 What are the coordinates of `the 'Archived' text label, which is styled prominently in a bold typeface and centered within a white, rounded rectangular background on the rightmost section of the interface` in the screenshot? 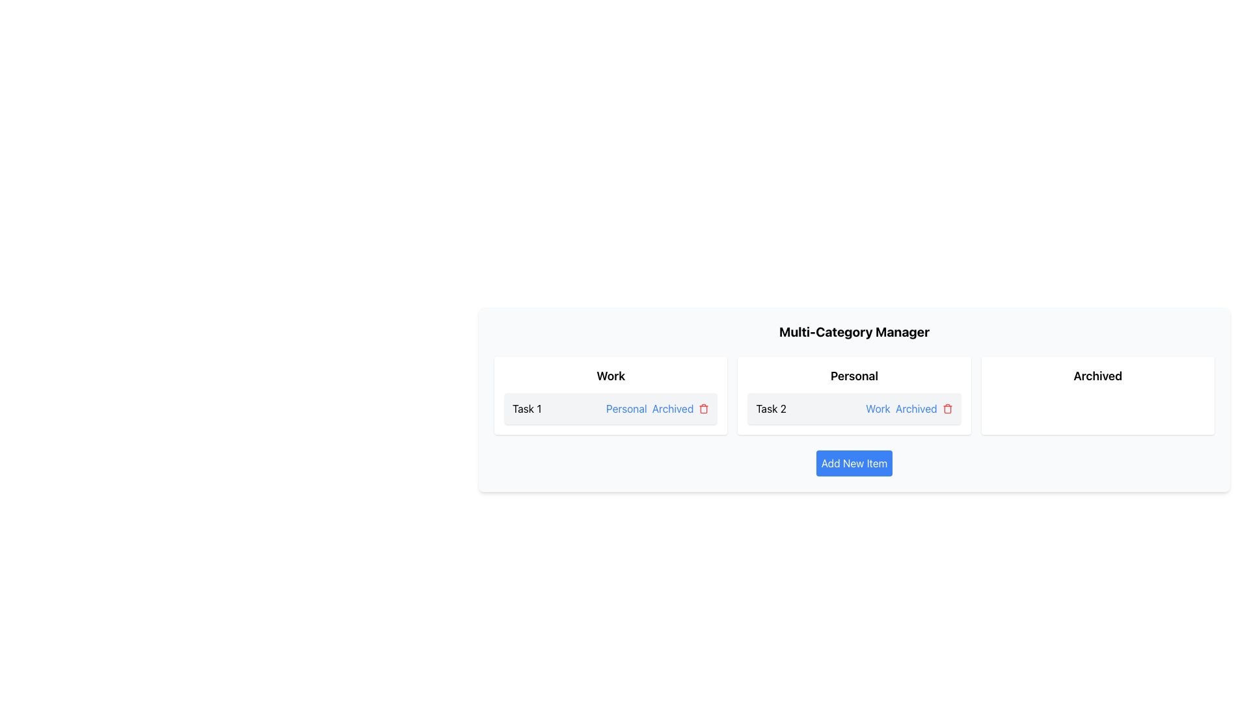 It's located at (1097, 376).